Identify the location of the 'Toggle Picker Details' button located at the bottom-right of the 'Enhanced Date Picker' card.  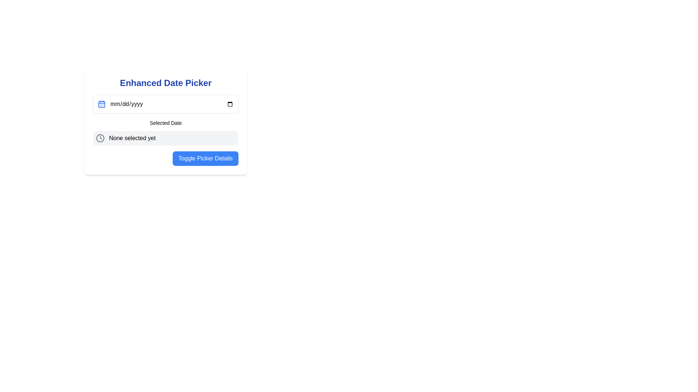
(165, 158).